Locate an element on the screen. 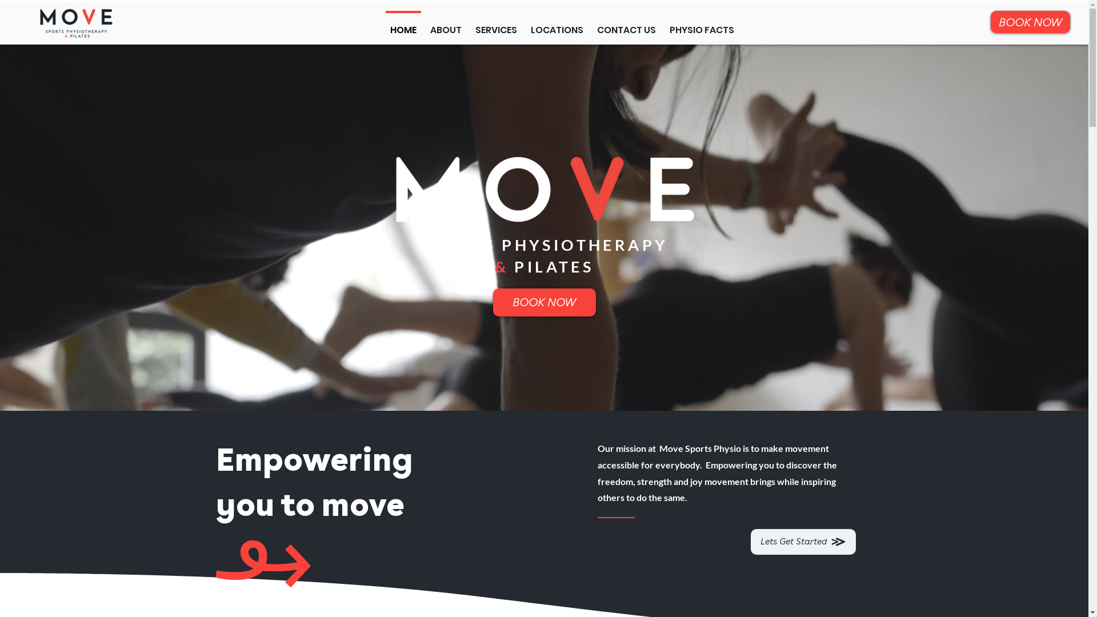  'CONTACT US' is located at coordinates (590, 25).